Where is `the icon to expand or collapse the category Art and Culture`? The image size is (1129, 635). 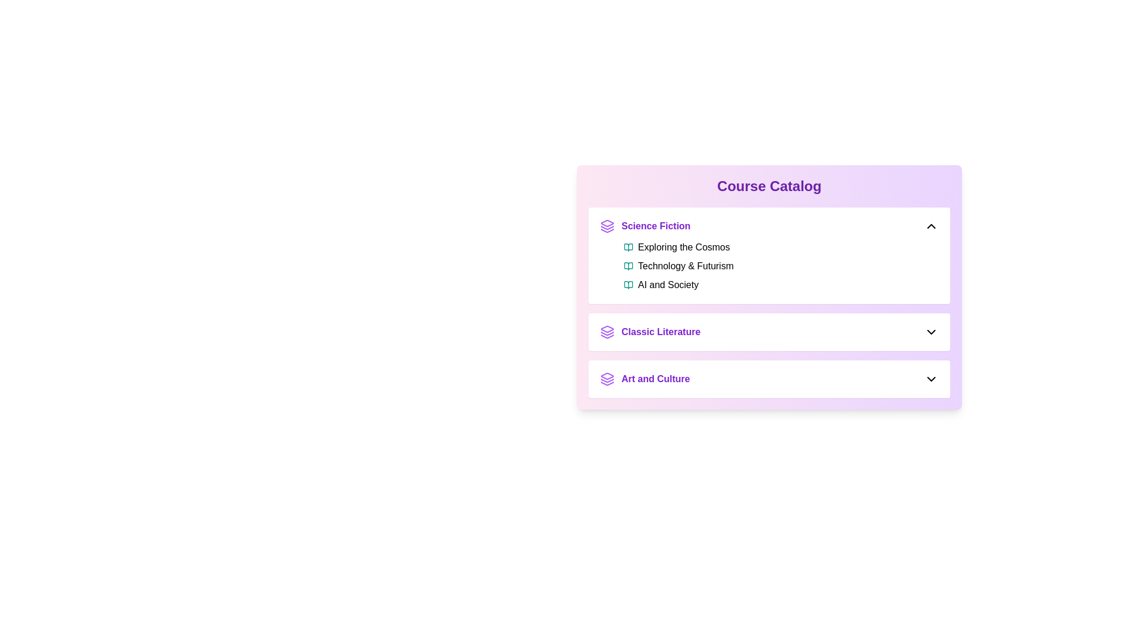 the icon to expand or collapse the category Art and Culture is located at coordinates (931, 379).